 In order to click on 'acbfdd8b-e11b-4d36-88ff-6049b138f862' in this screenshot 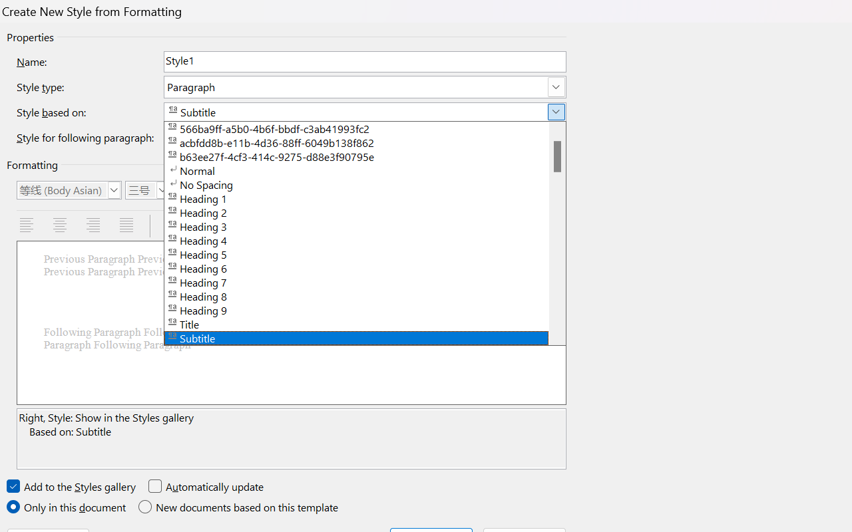, I will do `click(365, 142)`.